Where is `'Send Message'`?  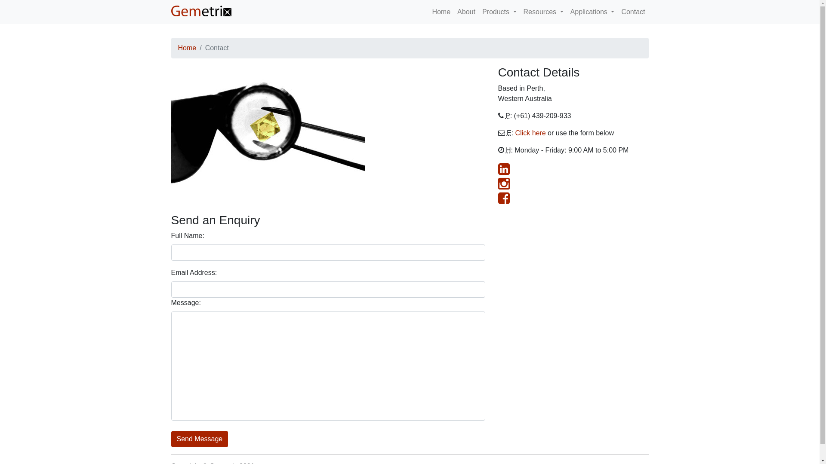 'Send Message' is located at coordinates (199, 439).